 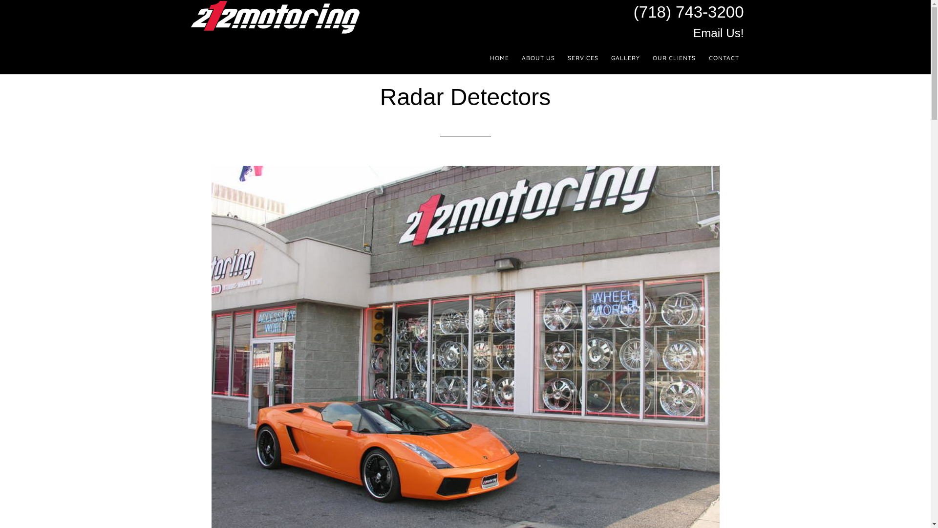 I want to click on 'SERVICES', so click(x=583, y=58).